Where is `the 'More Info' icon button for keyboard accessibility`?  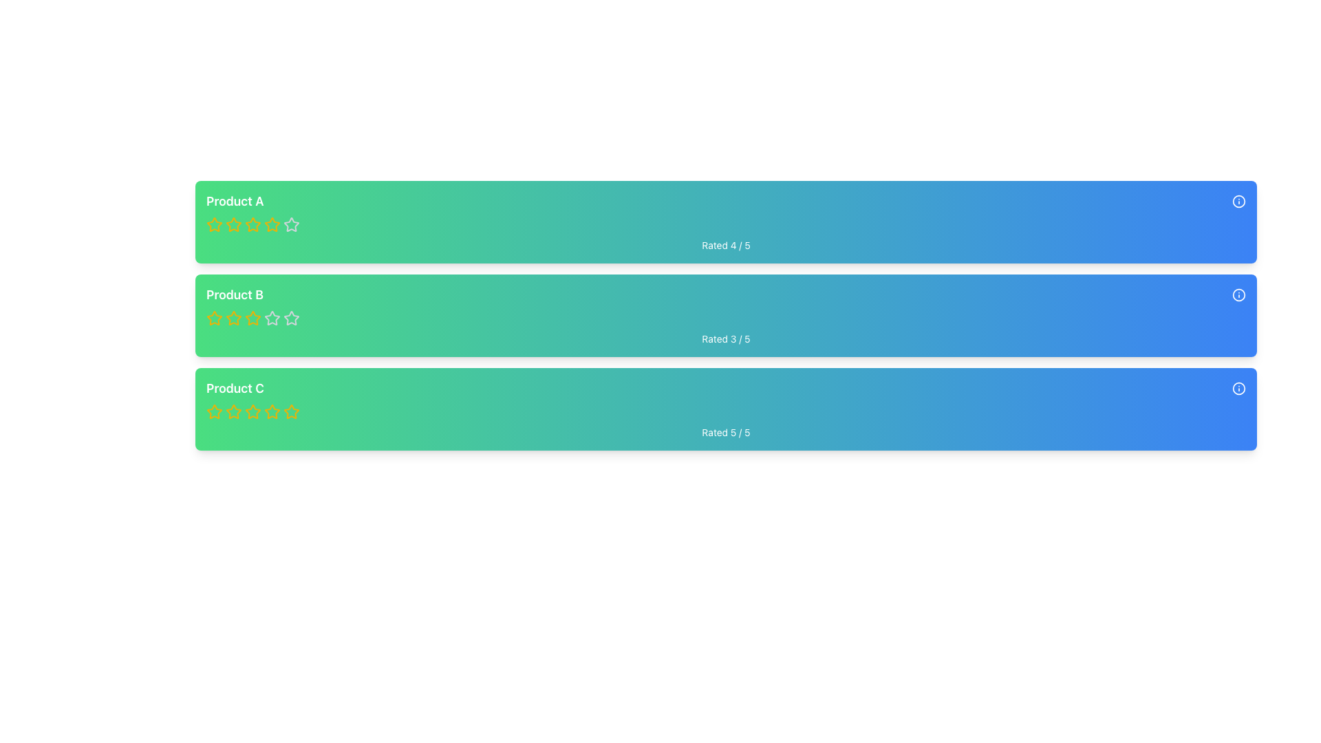 the 'More Info' icon button for keyboard accessibility is located at coordinates (1238, 202).